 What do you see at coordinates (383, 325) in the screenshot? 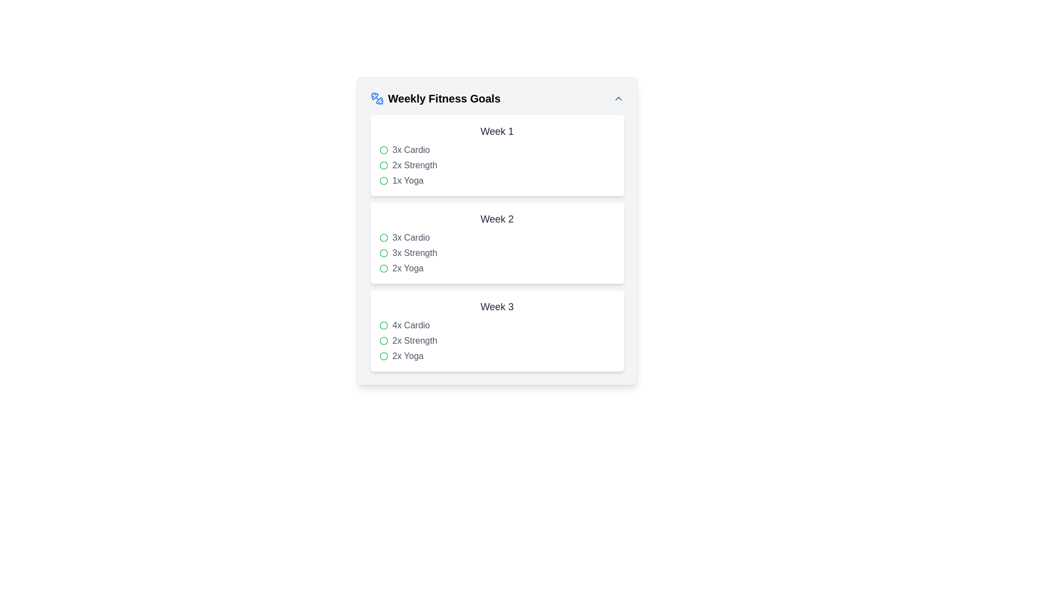
I see `the small circular icon with a green border and transparent center, which is the first item under '4x Cardio' in the 'Week 3' section of the 'Weekly Fitness Goals' card` at bounding box center [383, 325].